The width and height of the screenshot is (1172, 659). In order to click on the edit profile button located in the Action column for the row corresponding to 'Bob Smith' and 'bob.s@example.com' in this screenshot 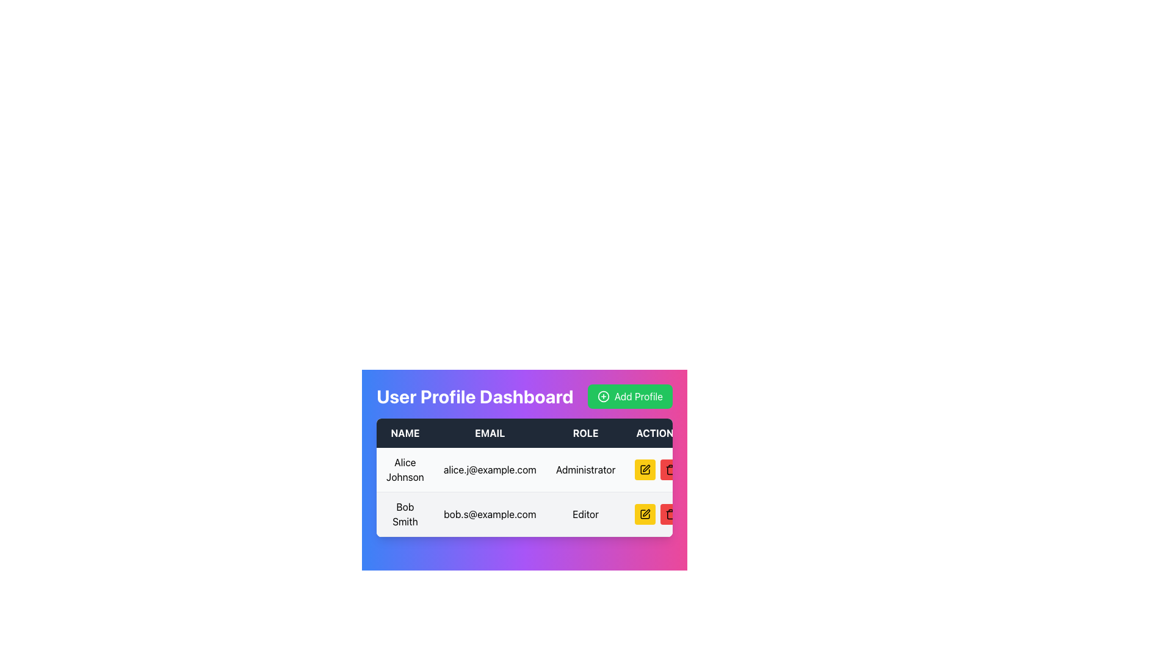, I will do `click(645, 469)`.